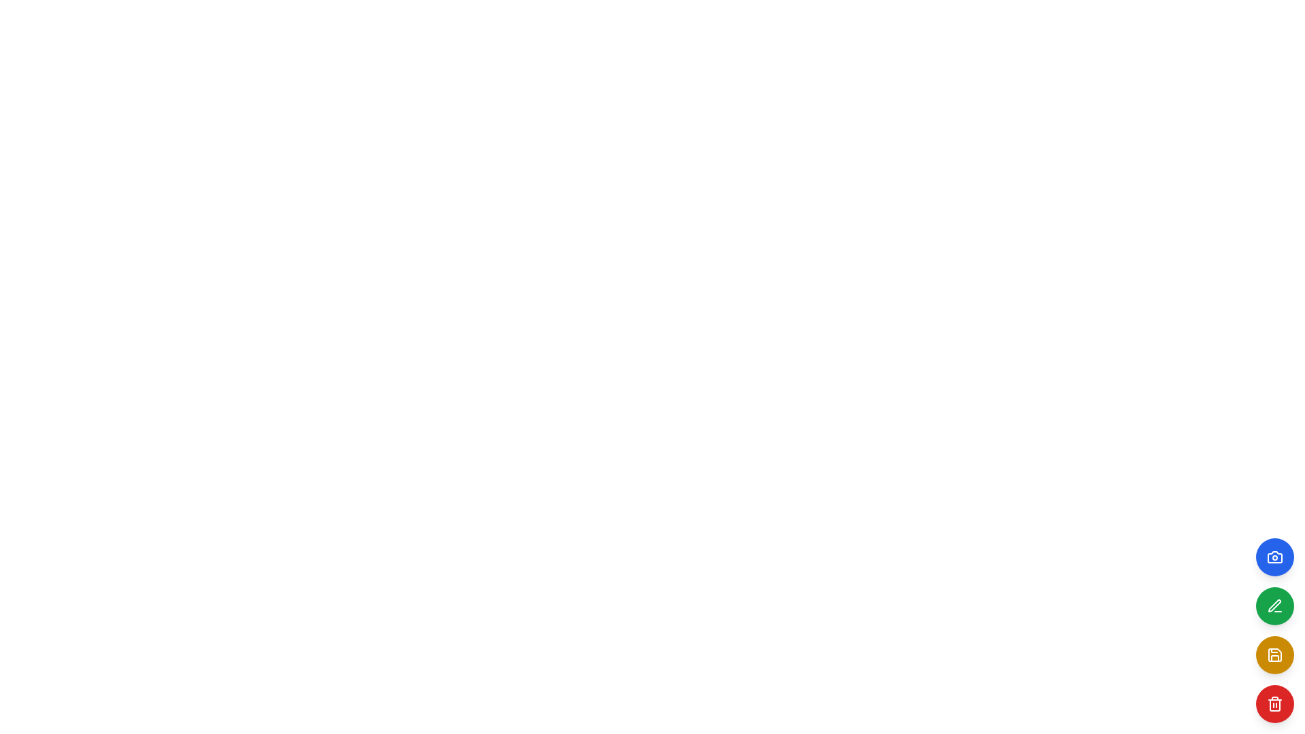 The height and width of the screenshot is (734, 1305). I want to click on the circular green button with a white pencil icon, so click(1274, 605).